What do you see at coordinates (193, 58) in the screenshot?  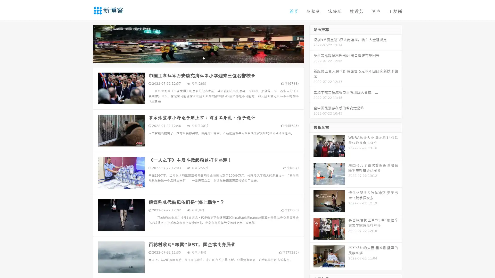 I see `Go to slide 1` at bounding box center [193, 58].